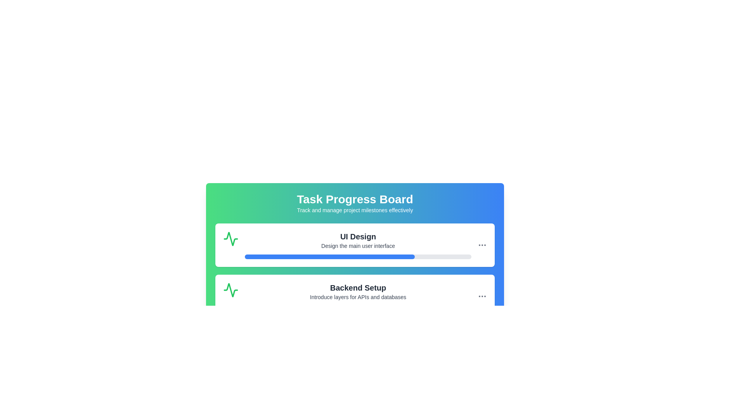  I want to click on the progress represented by the progress bar located in the 'Backend Setup' section, below the text 'Introduce layers for APIs and databases', so click(357, 308).